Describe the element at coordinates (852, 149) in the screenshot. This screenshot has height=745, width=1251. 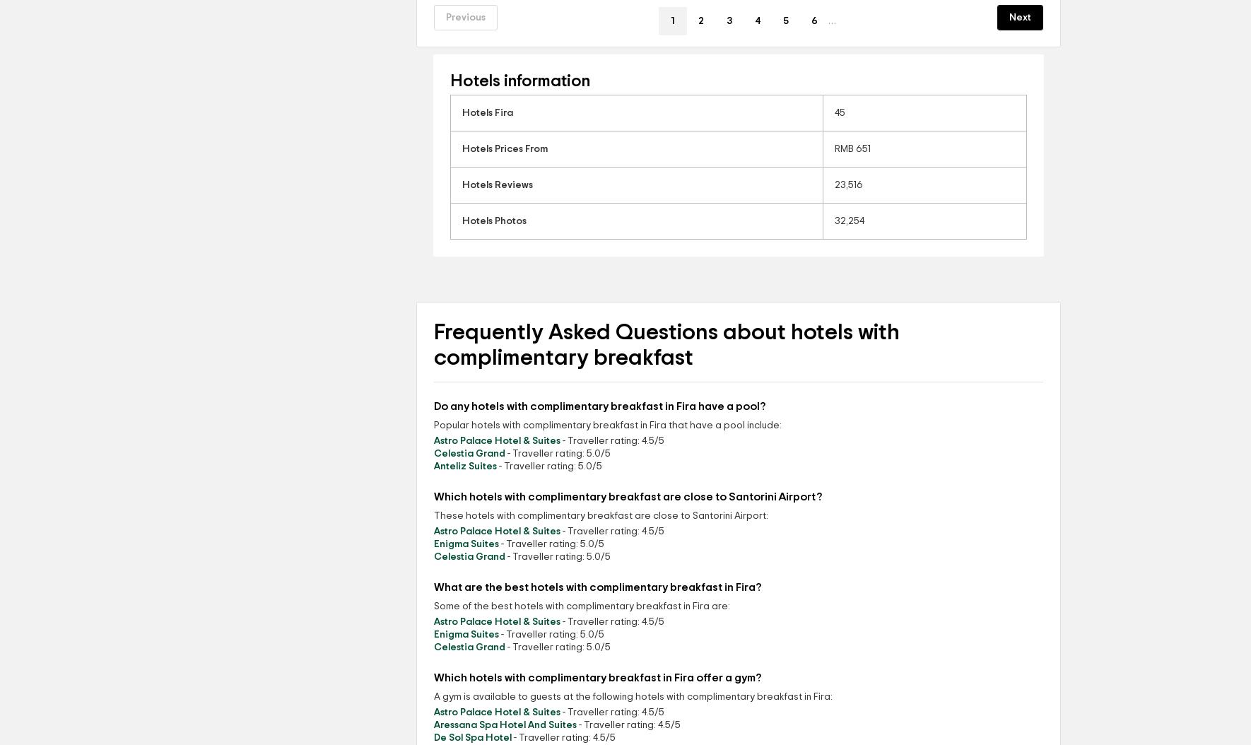
I see `'RMB 651'` at that location.